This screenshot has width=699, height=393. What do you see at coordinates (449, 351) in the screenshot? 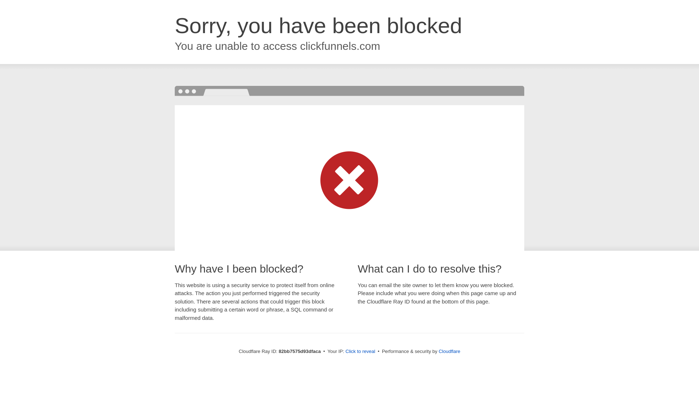
I see `'Cloudflare'` at bounding box center [449, 351].